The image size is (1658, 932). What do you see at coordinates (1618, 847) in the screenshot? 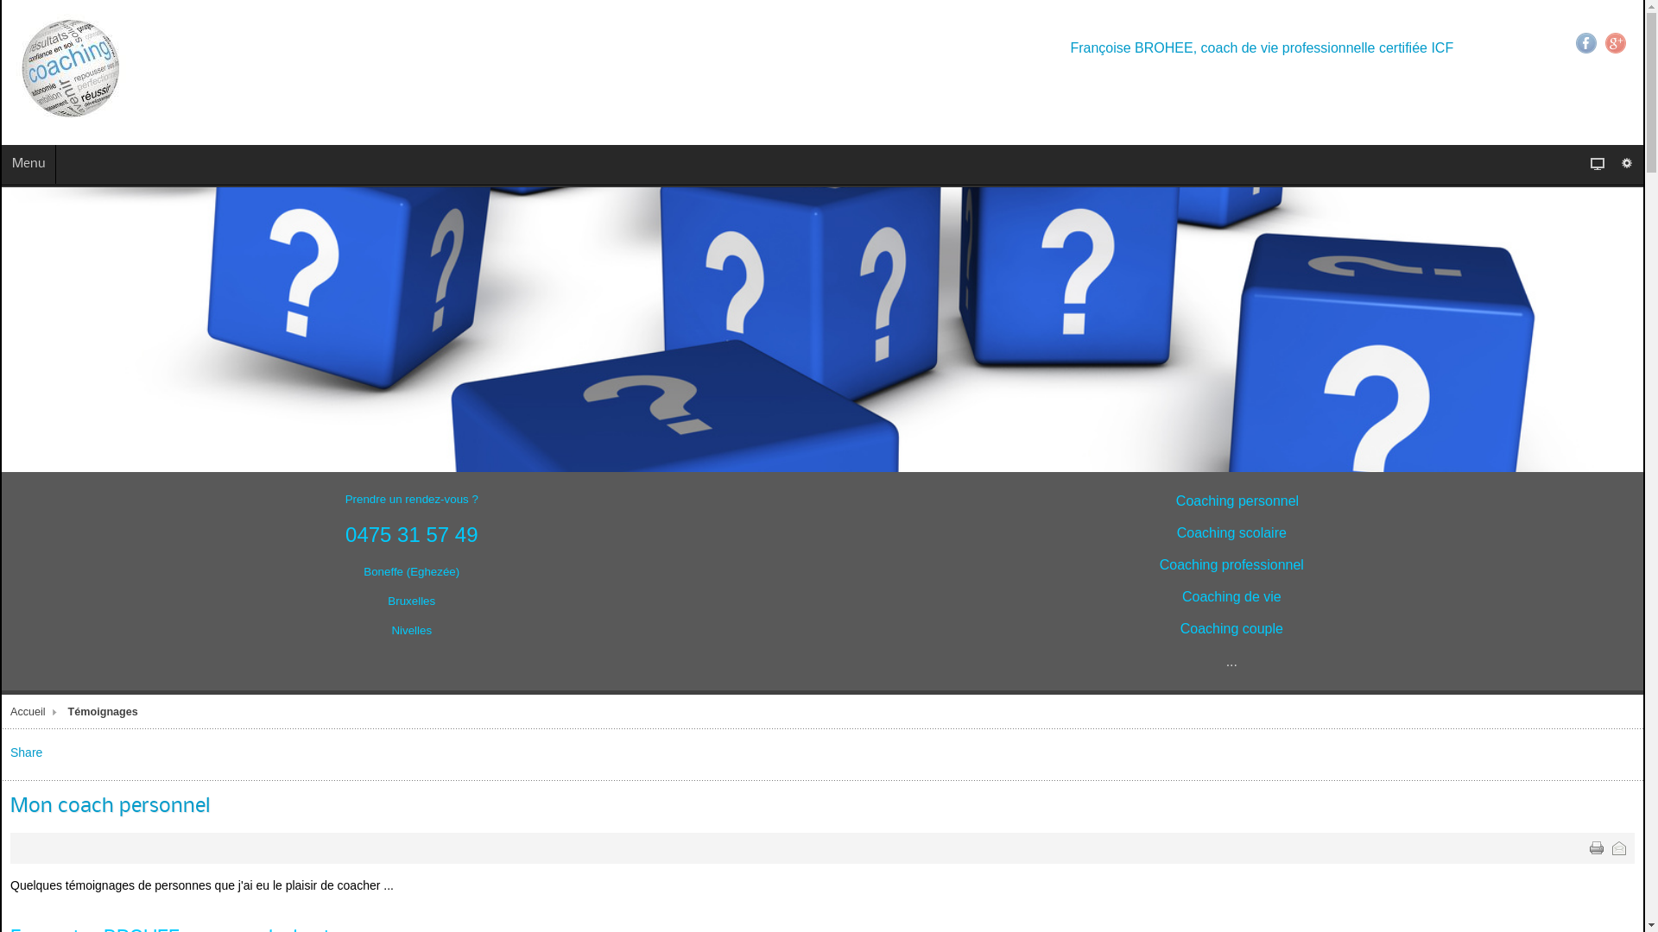
I see `'E-mail'` at bounding box center [1618, 847].